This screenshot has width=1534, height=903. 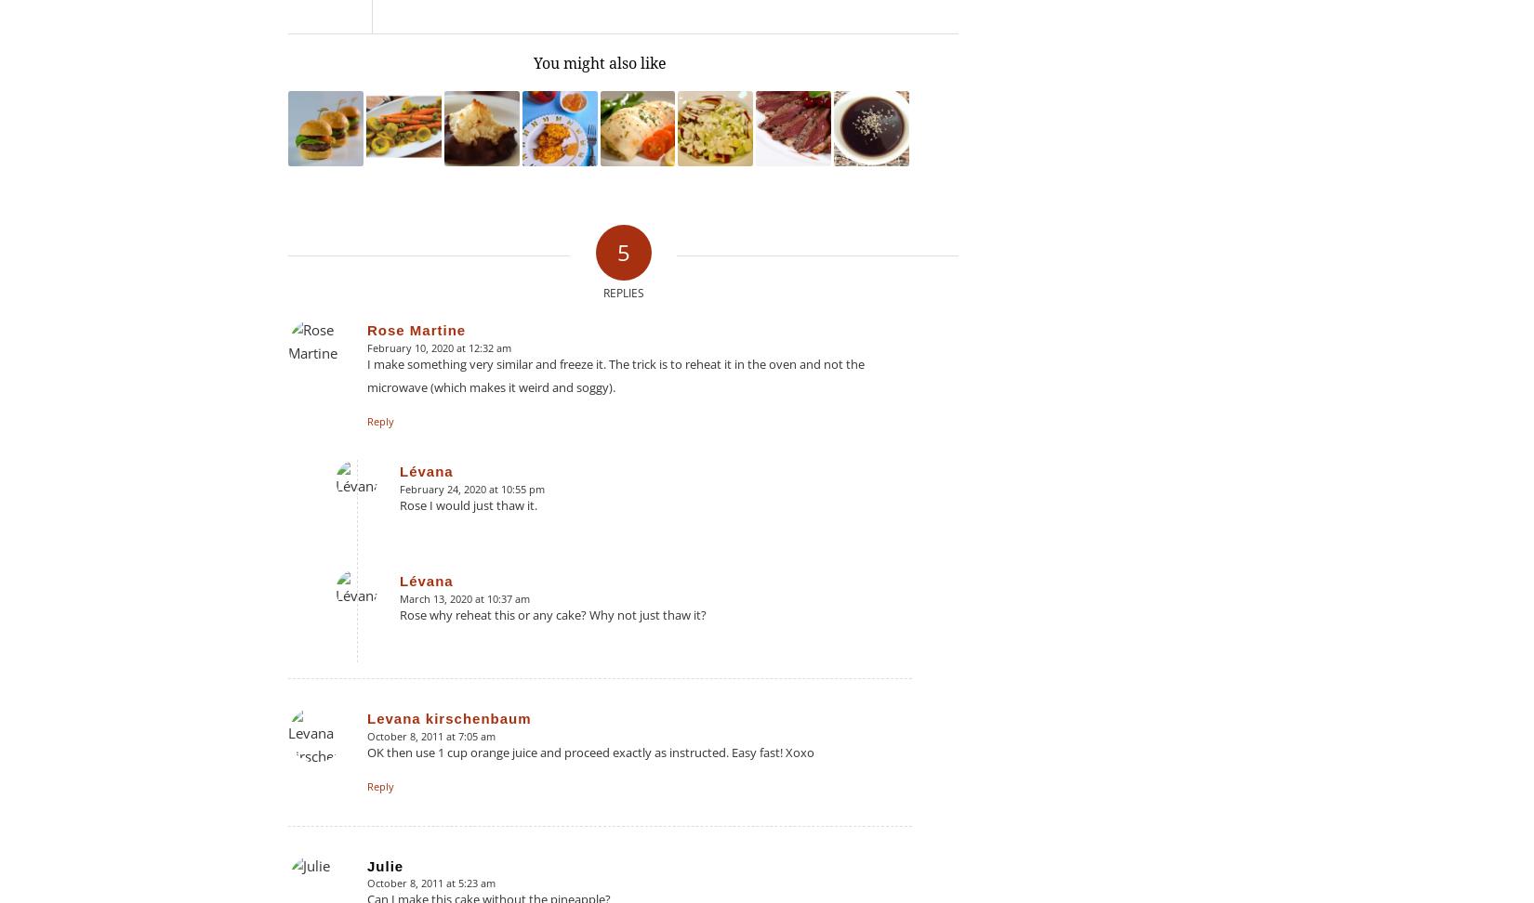 I want to click on 'I make something very similar and freeze it. The trick is to reheat it in the oven and not the microwave (which makes it weird and soggy).', so click(x=615, y=374).